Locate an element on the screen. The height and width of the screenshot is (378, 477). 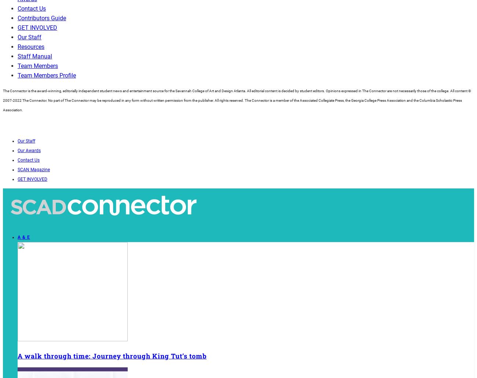
'Staff Manual' is located at coordinates (35, 56).